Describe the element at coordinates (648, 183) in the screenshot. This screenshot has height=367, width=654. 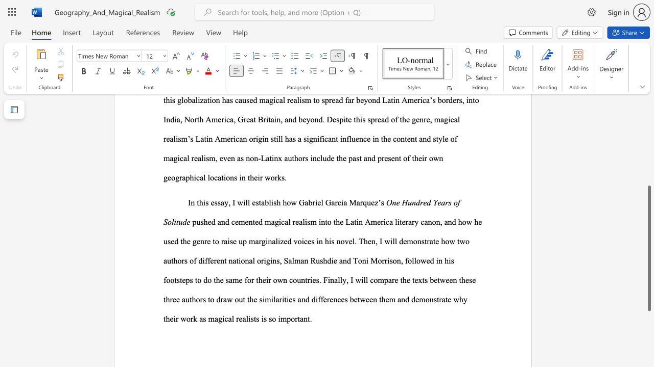
I see `the scrollbar on the right side to scroll the page up` at that location.